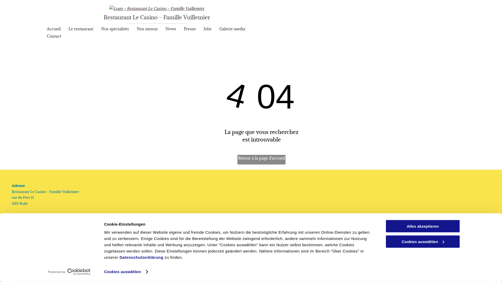  I want to click on 'Galerie media', so click(232, 29).